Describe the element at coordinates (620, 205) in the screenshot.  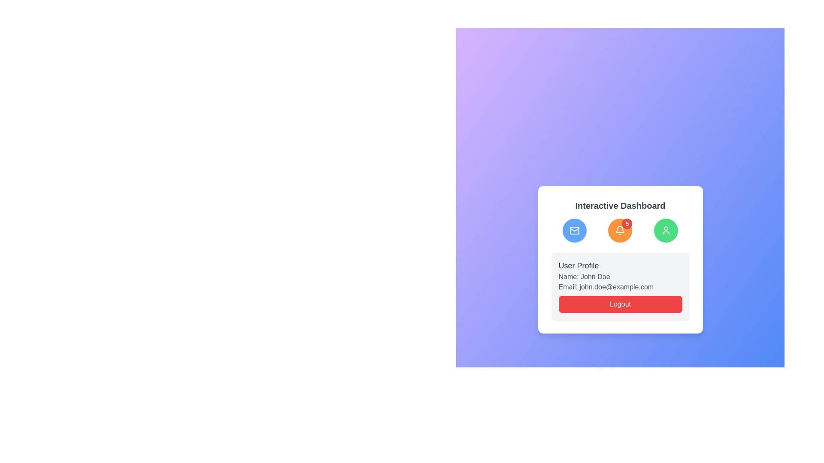
I see `text content of the title or header Text label positioned at the top center of the card-like layout` at that location.